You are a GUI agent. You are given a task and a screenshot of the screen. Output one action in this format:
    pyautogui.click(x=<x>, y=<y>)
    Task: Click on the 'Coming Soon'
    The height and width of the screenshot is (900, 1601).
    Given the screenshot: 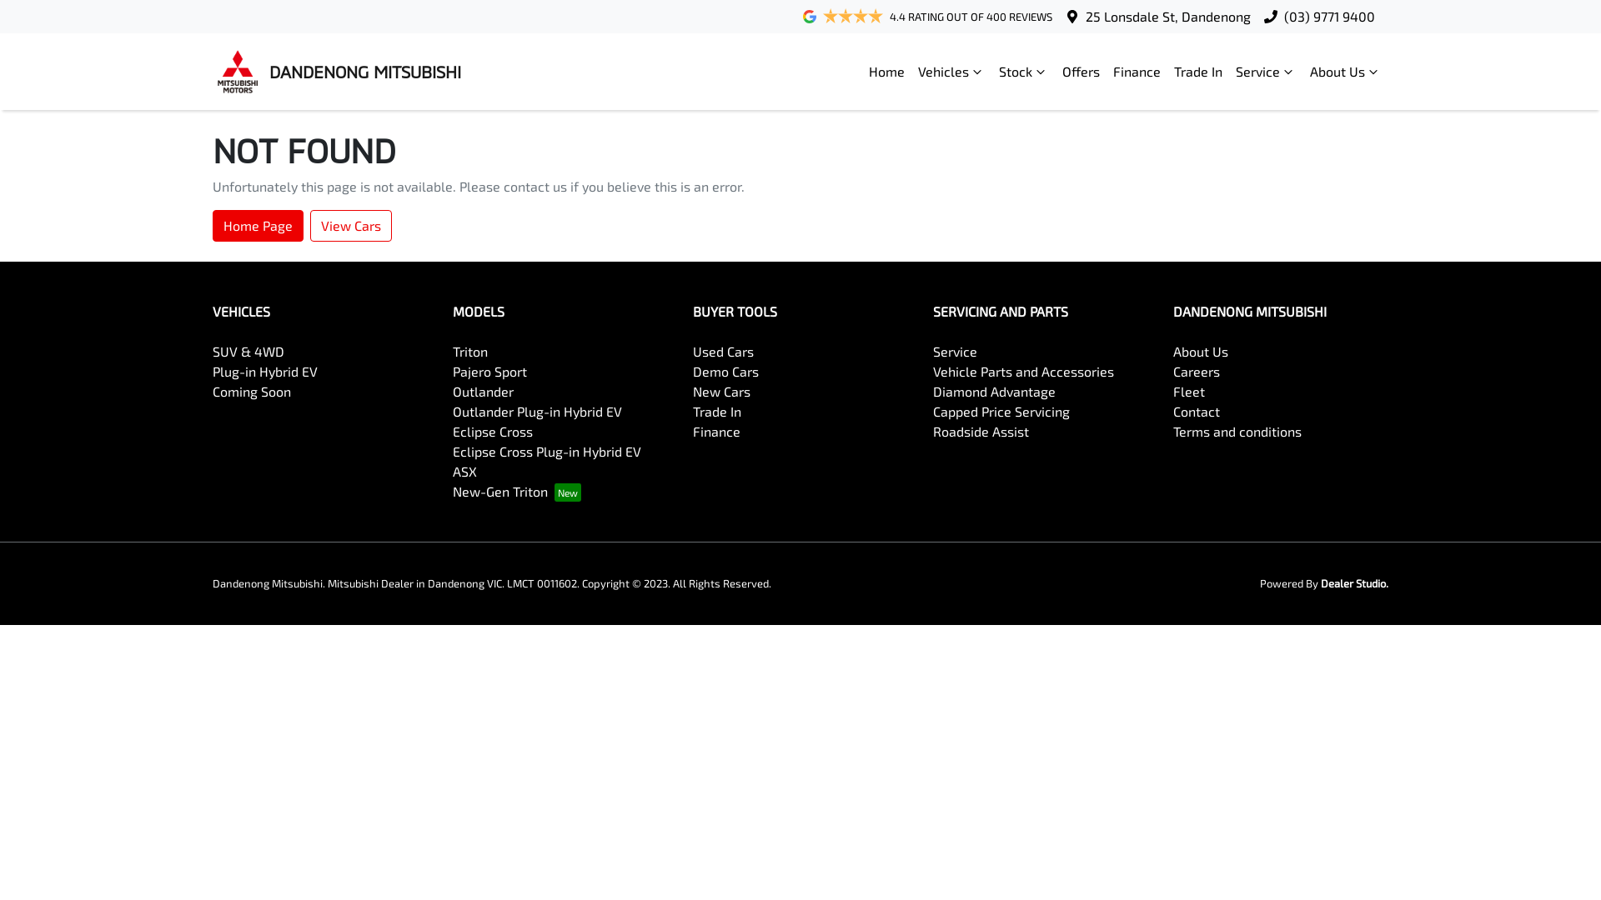 What is the action you would take?
    pyautogui.click(x=251, y=391)
    